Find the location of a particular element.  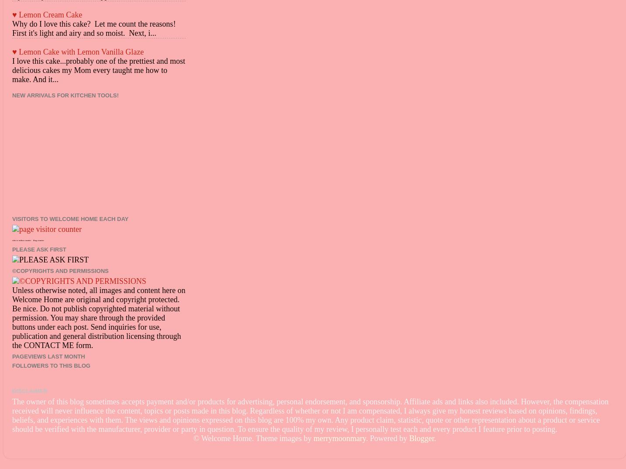

'Why do I love this cake?  Let me count the reasons!   First it's light and airy and so moist.  Next, i...' is located at coordinates (96, 28).